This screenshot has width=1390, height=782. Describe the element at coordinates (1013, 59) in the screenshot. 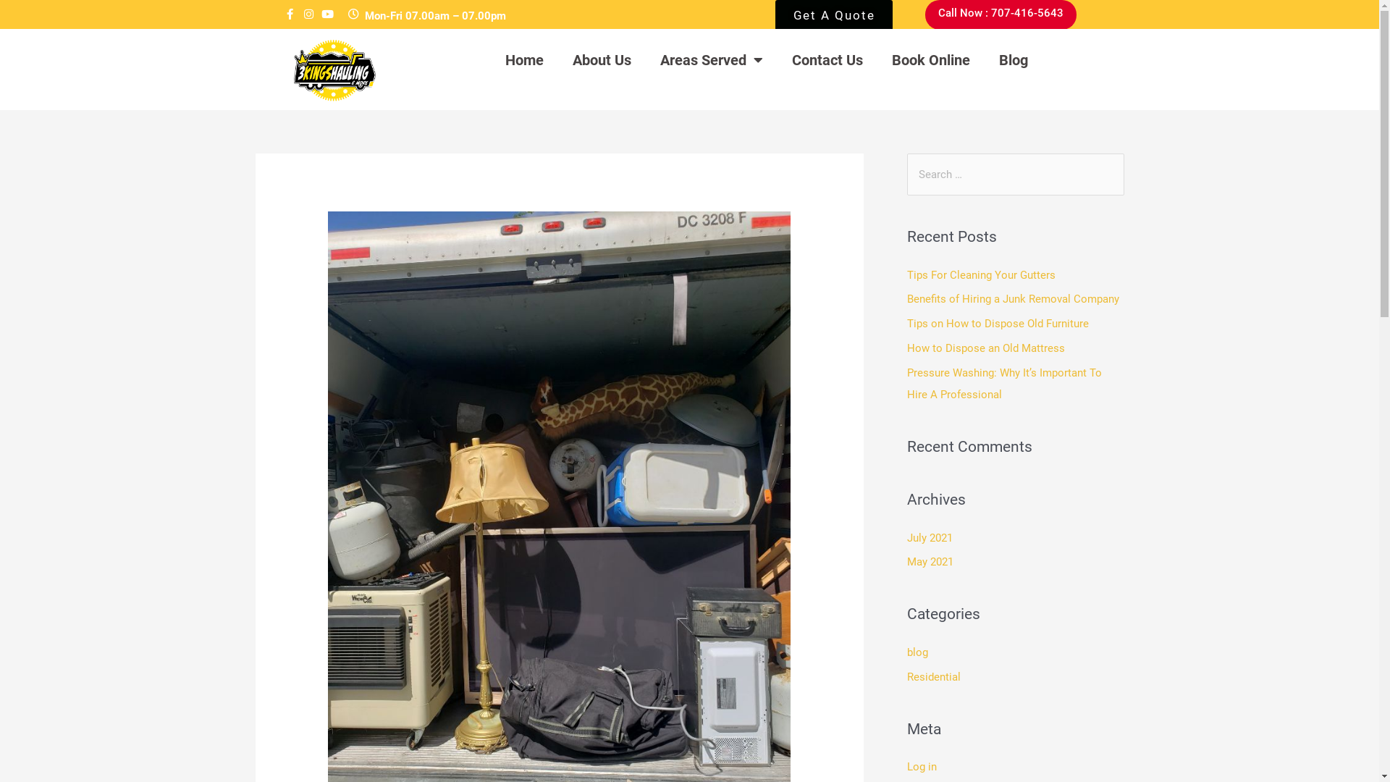

I see `'Blog'` at that location.